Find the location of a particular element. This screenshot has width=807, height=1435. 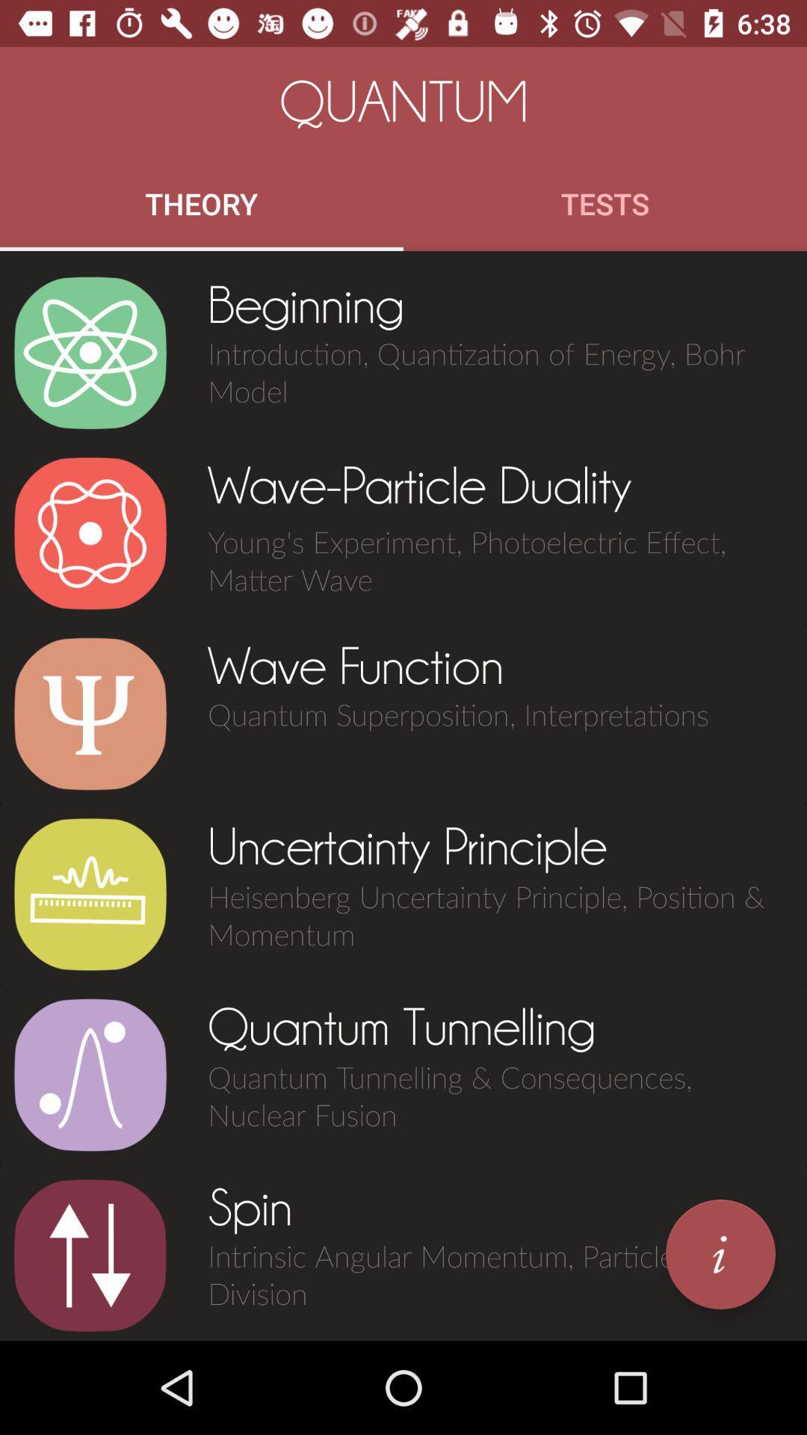

quantum tunneling section is located at coordinates (90, 1074).